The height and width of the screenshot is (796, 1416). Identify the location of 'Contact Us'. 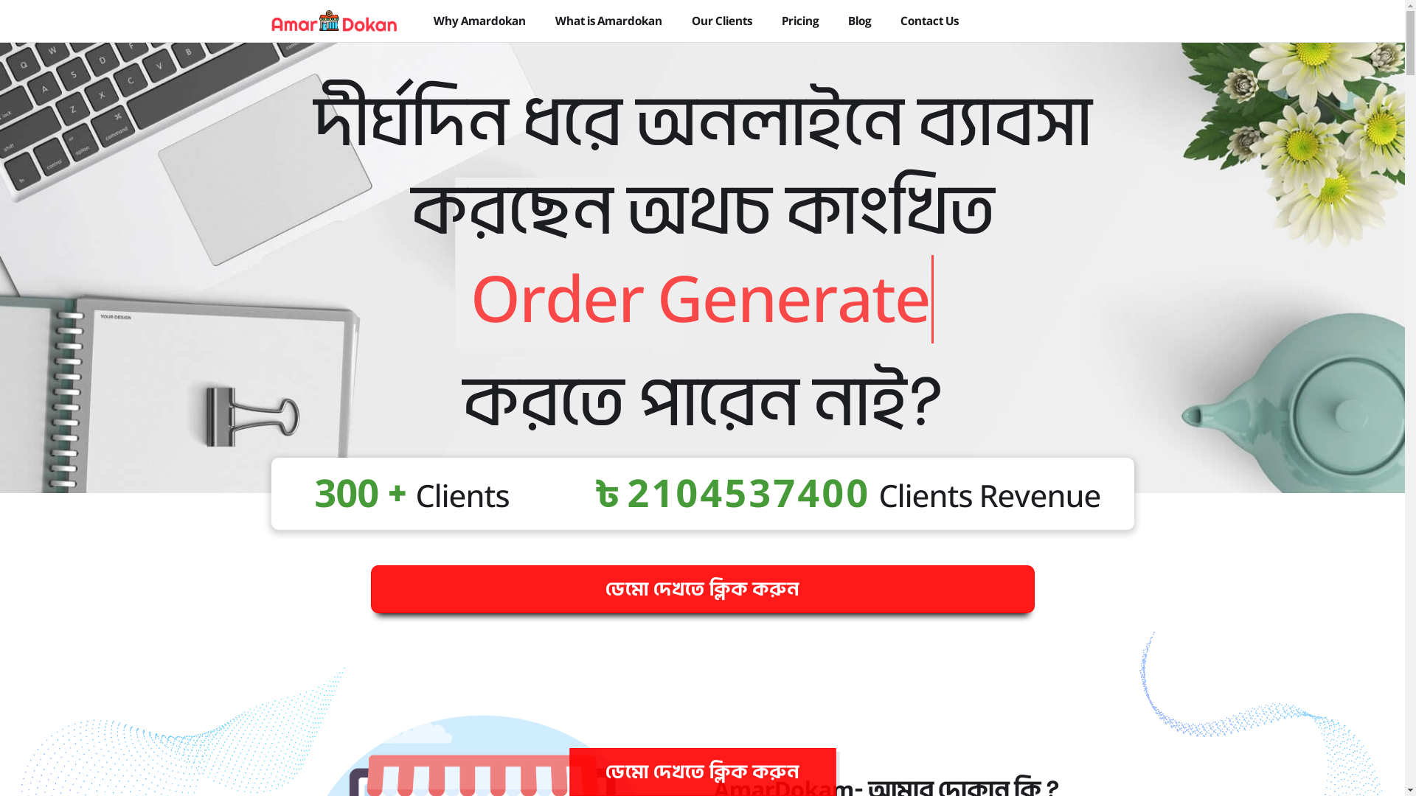
(928, 21).